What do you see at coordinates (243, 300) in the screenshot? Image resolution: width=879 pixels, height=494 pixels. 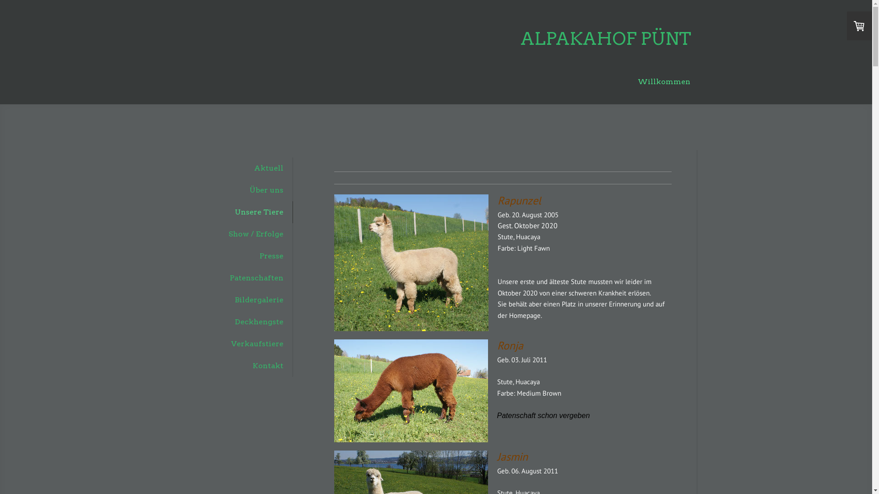 I see `'Bildergalerie'` at bounding box center [243, 300].